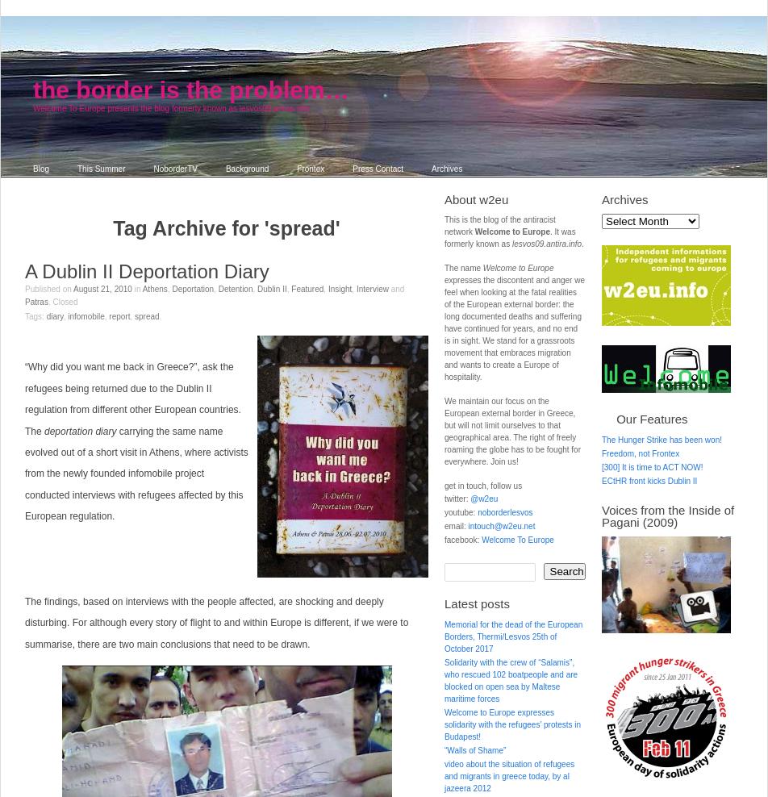 The height and width of the screenshot is (797, 768). Describe the element at coordinates (456, 525) in the screenshot. I see `'email:'` at that location.